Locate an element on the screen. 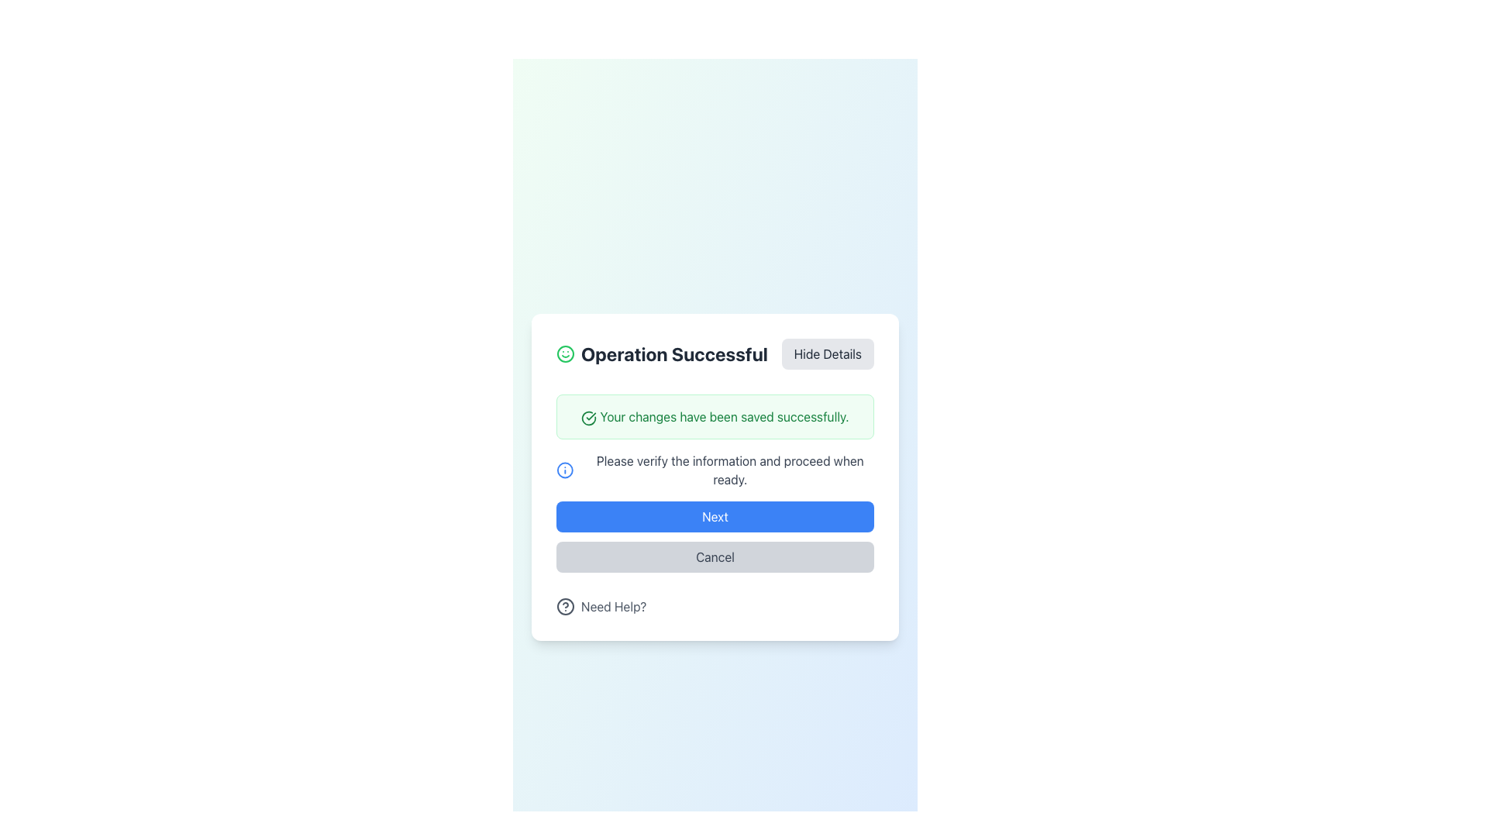 The height and width of the screenshot is (837, 1488). the circular icon with a question mark, which is located adjacent to the text 'Need Help?' is located at coordinates (564, 606).